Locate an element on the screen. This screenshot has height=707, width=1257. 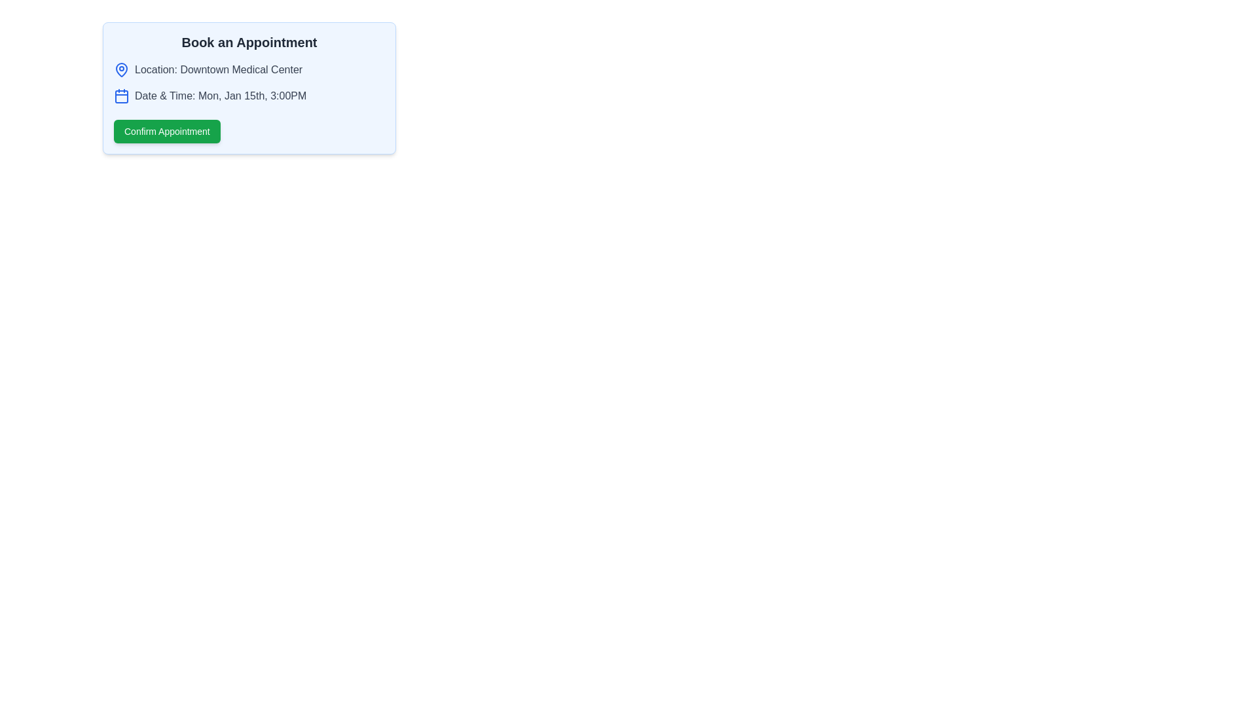
the outer border of the map pin icon, which is part of the SVG icon located to the left of the text label 'Location: Downtown Medical Center' in the 'Book an Appointment' card layout is located at coordinates (122, 69).